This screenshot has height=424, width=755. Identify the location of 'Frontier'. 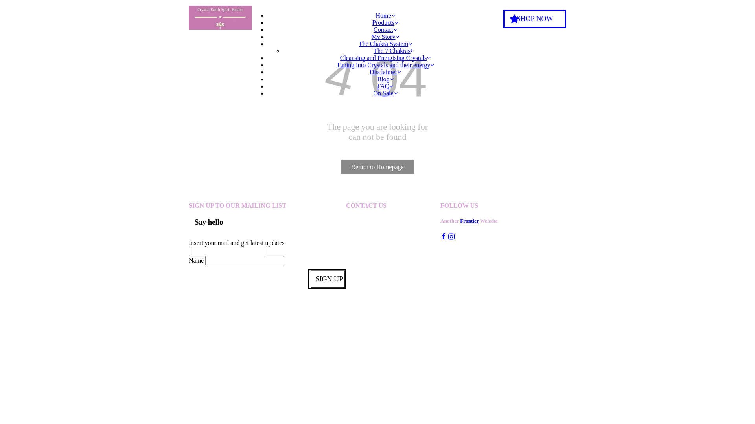
(469, 221).